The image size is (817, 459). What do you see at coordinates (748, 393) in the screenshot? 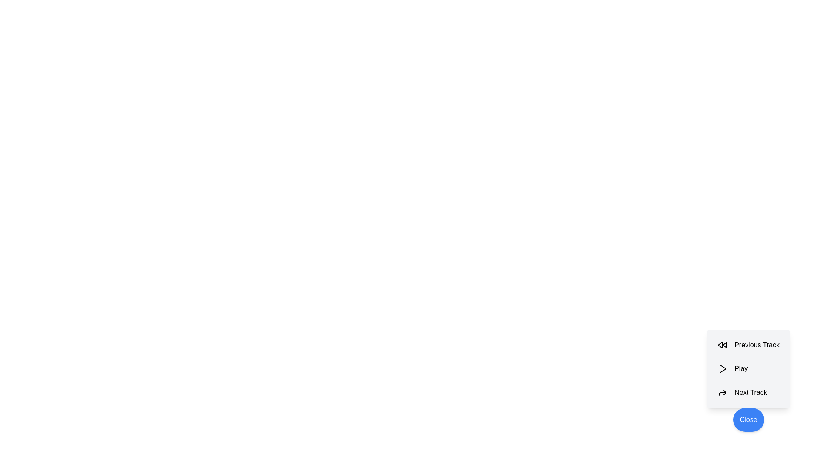
I see `the 'Next Track' button located at the bottom of the vertical list of media control buttons to skip to the next track in the playlist` at bounding box center [748, 393].